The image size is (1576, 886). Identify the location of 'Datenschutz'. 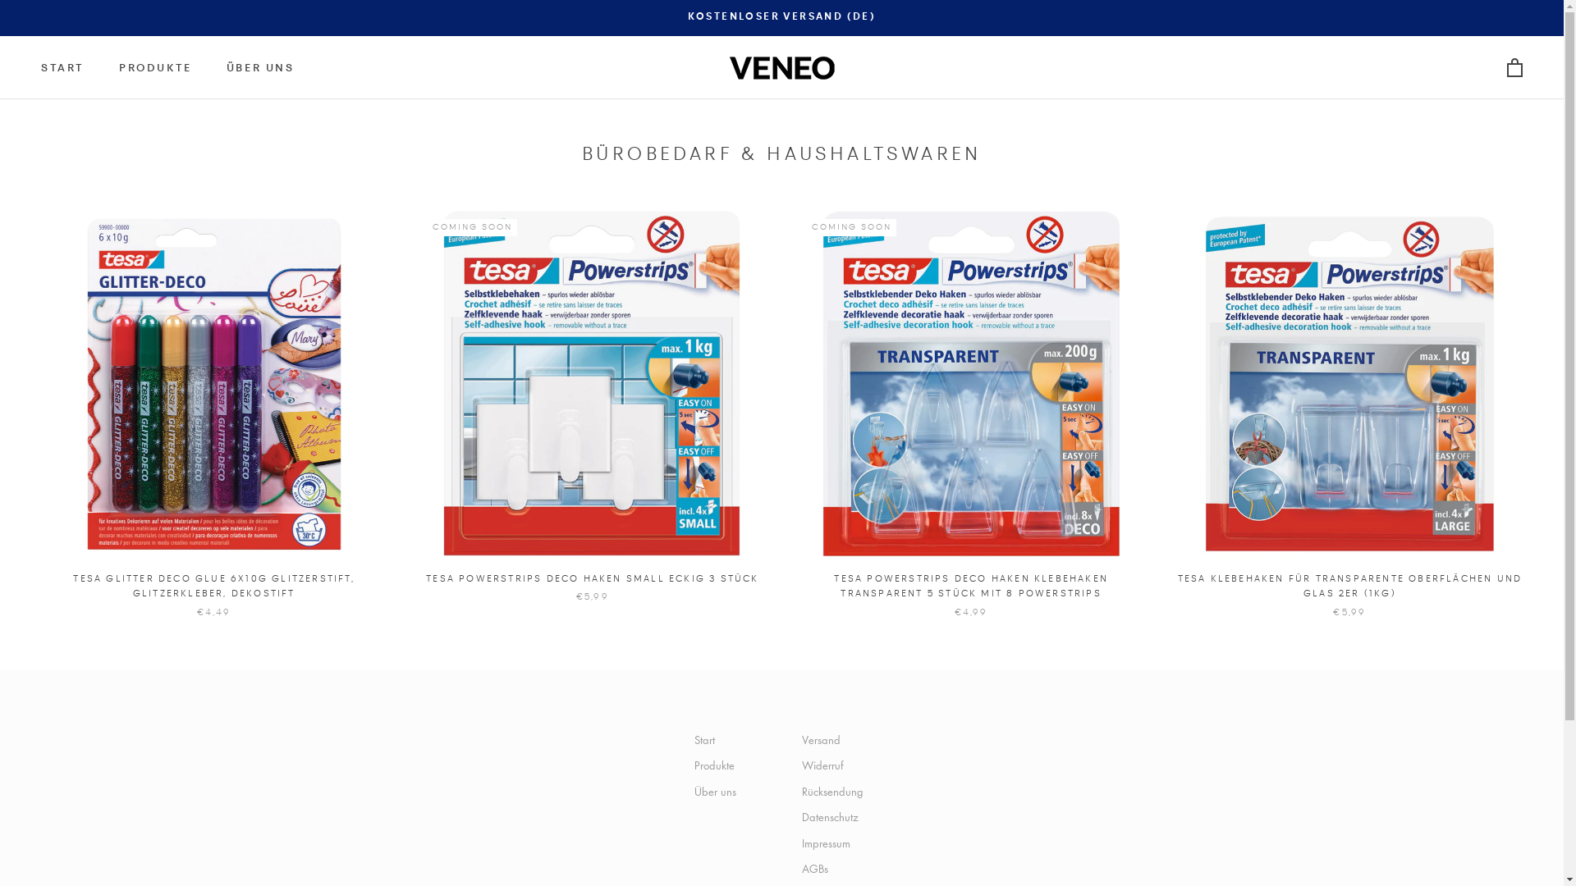
(835, 816).